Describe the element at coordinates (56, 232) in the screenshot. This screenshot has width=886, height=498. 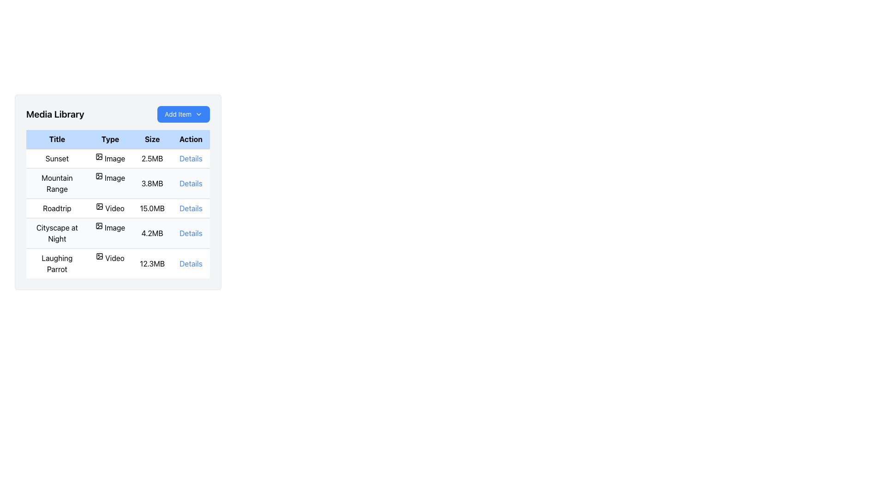
I see `the text label displaying the title 'Cityscape at Night' located in the fourth row of the table under the 'Title' column` at that location.